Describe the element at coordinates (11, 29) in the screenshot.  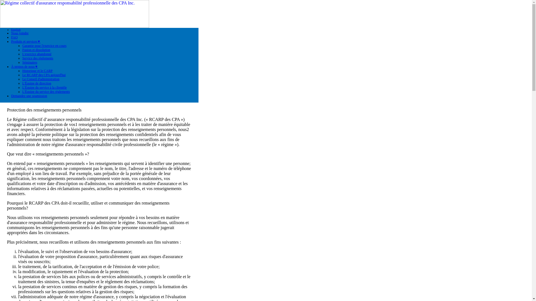
I see `'English'` at that location.